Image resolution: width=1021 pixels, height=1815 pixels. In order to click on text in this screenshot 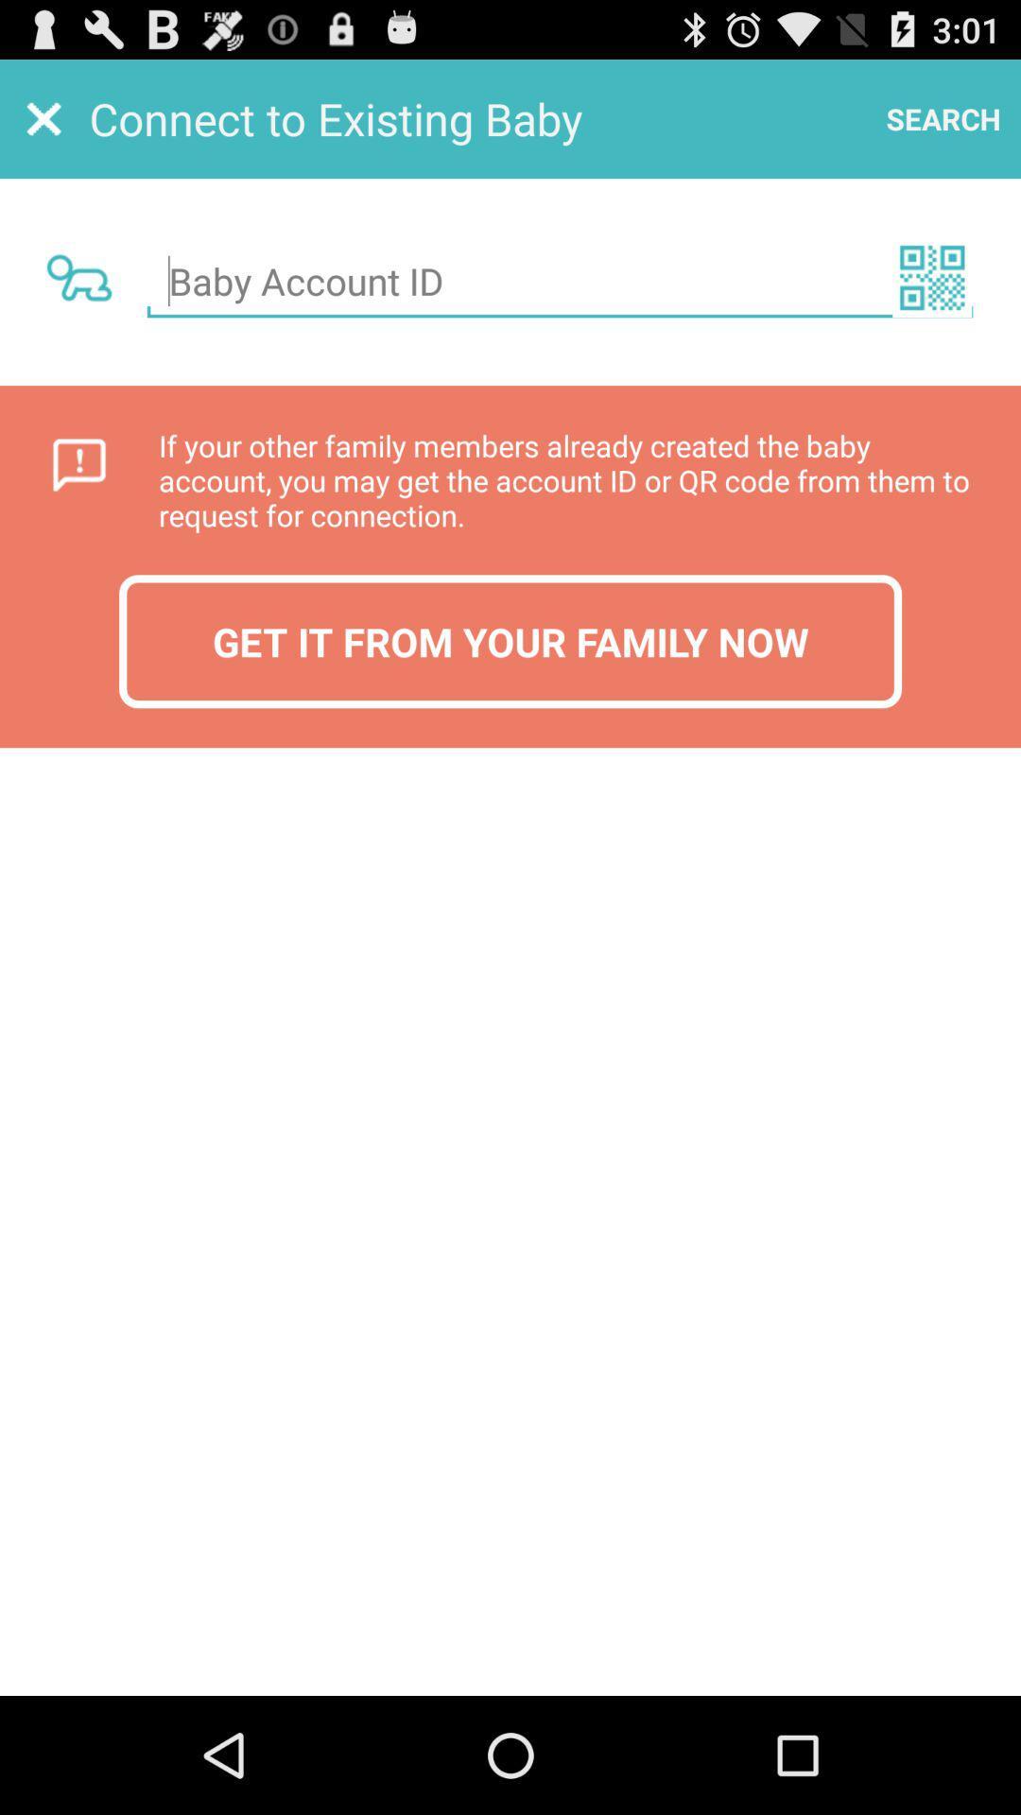, I will do `click(559, 281)`.